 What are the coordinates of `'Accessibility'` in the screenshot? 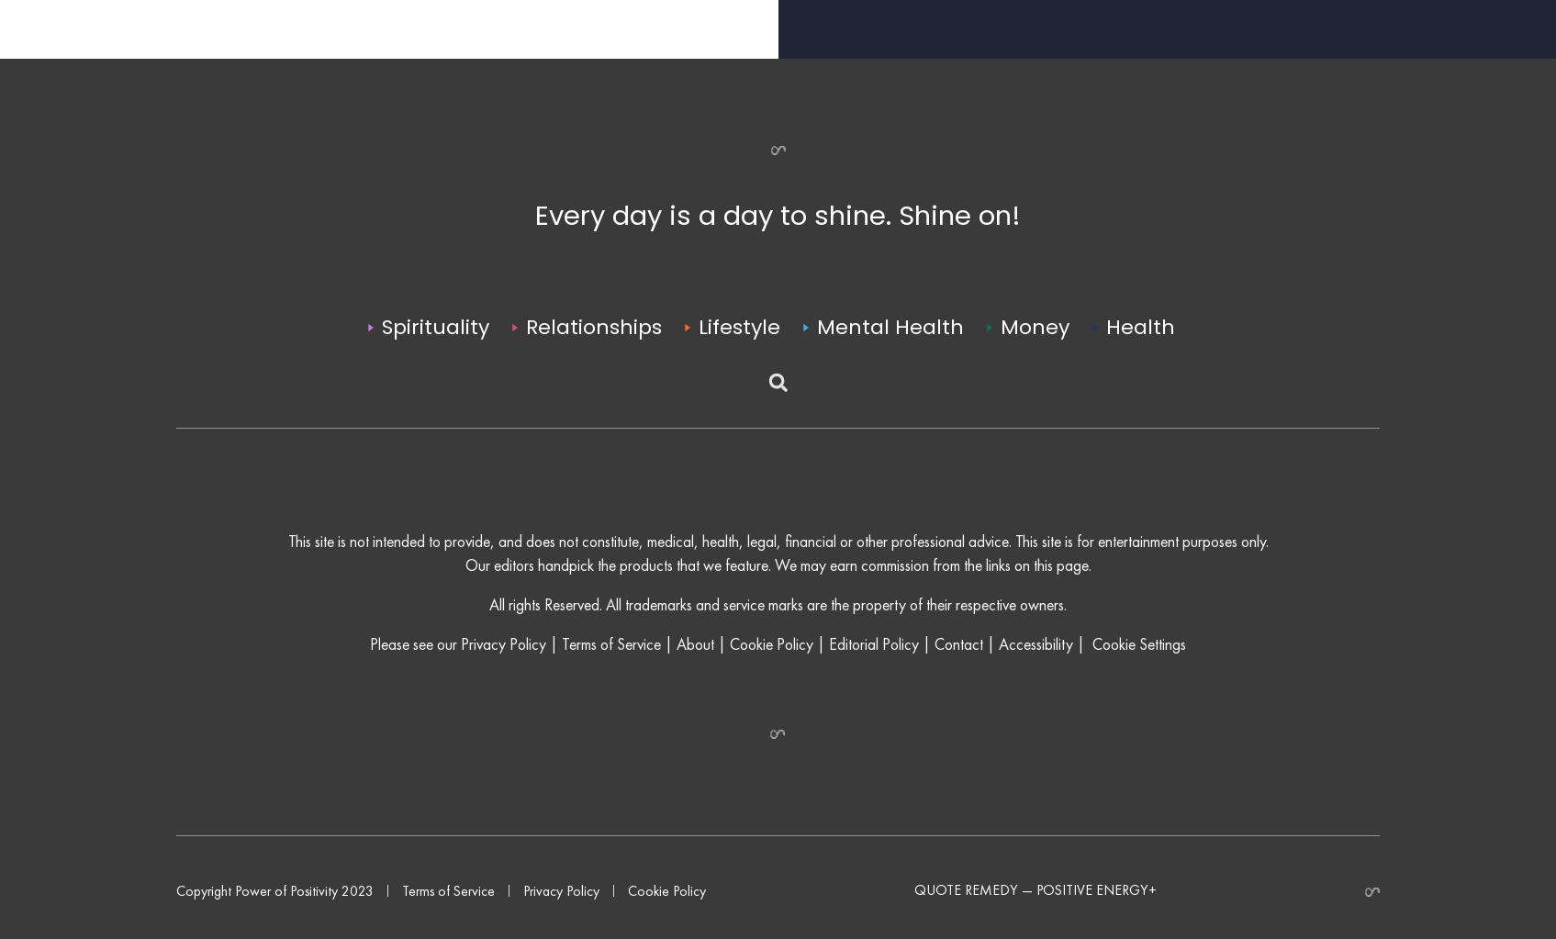 It's located at (1035, 683).